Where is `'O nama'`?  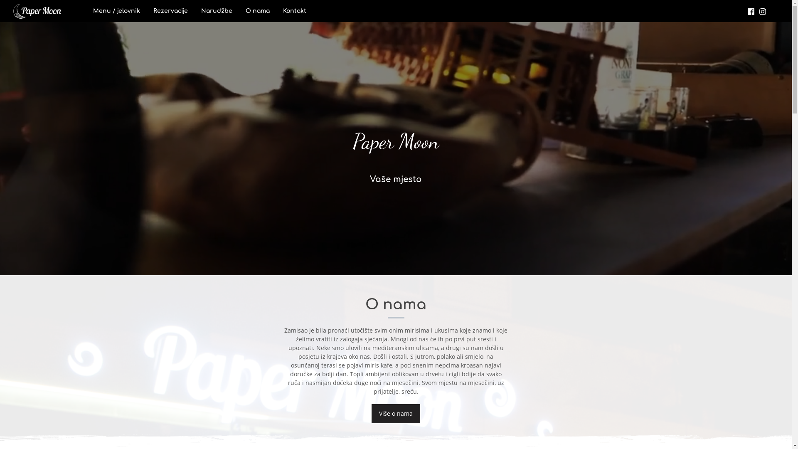 'O nama' is located at coordinates (257, 11).